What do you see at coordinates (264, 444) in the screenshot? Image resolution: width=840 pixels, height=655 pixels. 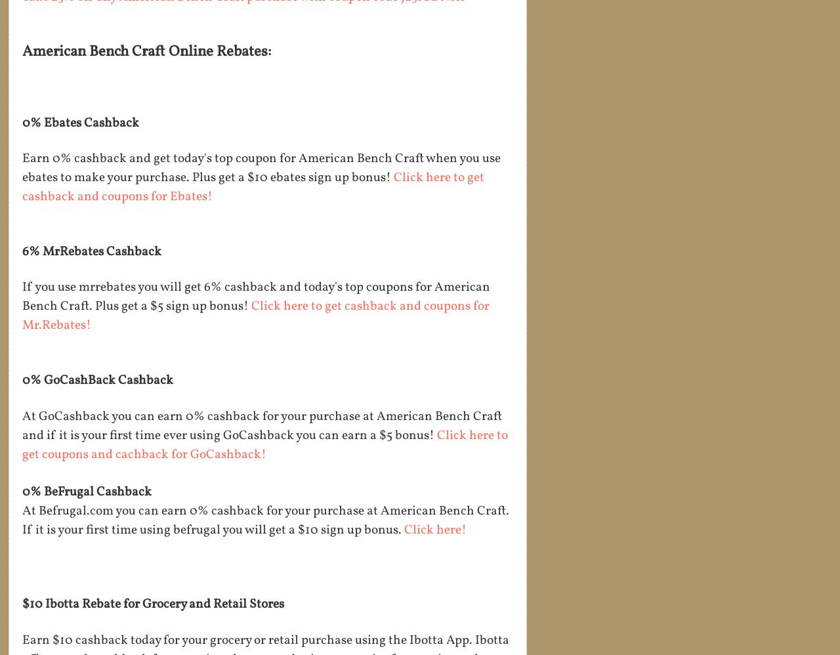 I see `'Click here to get coupons and cachback for GoCashback!'` at bounding box center [264, 444].